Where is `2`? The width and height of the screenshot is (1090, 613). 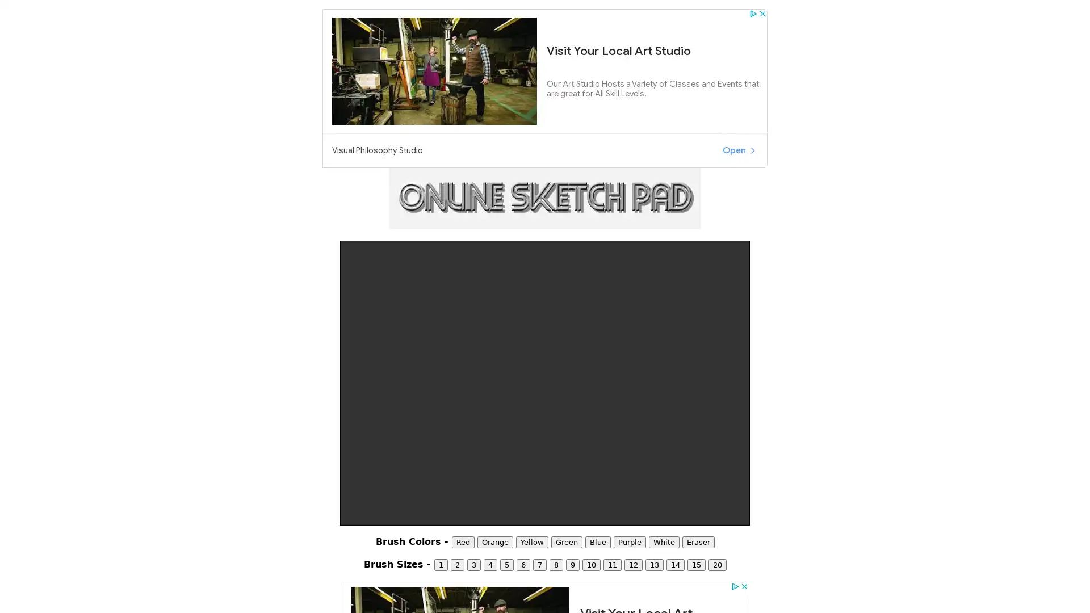 2 is located at coordinates (457, 565).